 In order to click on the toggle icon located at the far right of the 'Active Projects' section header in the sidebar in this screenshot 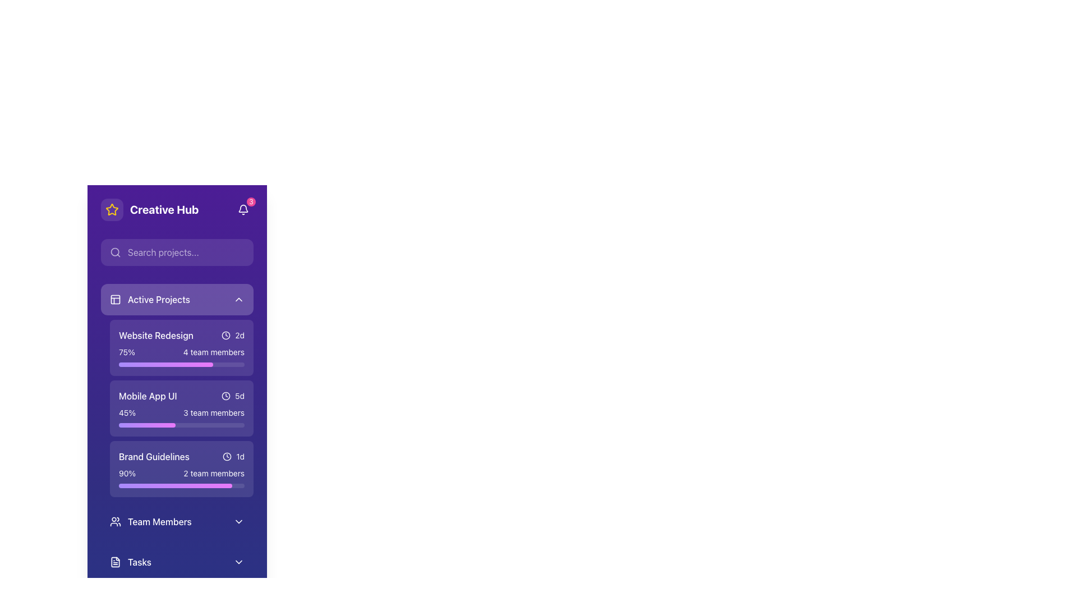, I will do `click(238, 299)`.